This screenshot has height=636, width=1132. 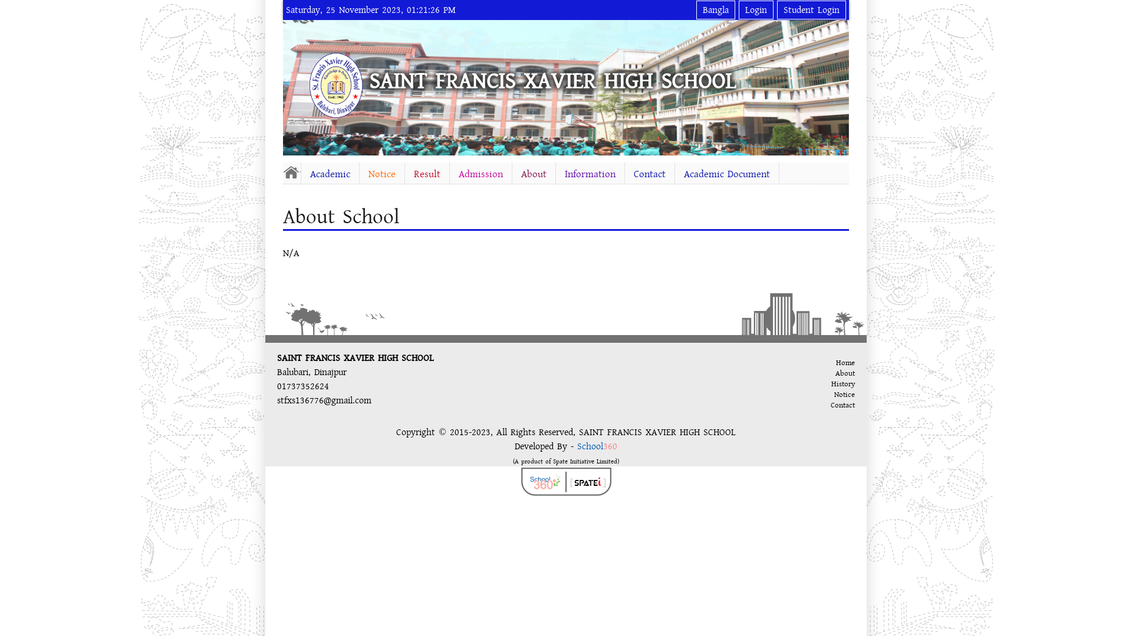 What do you see at coordinates (649, 174) in the screenshot?
I see `'Contact'` at bounding box center [649, 174].